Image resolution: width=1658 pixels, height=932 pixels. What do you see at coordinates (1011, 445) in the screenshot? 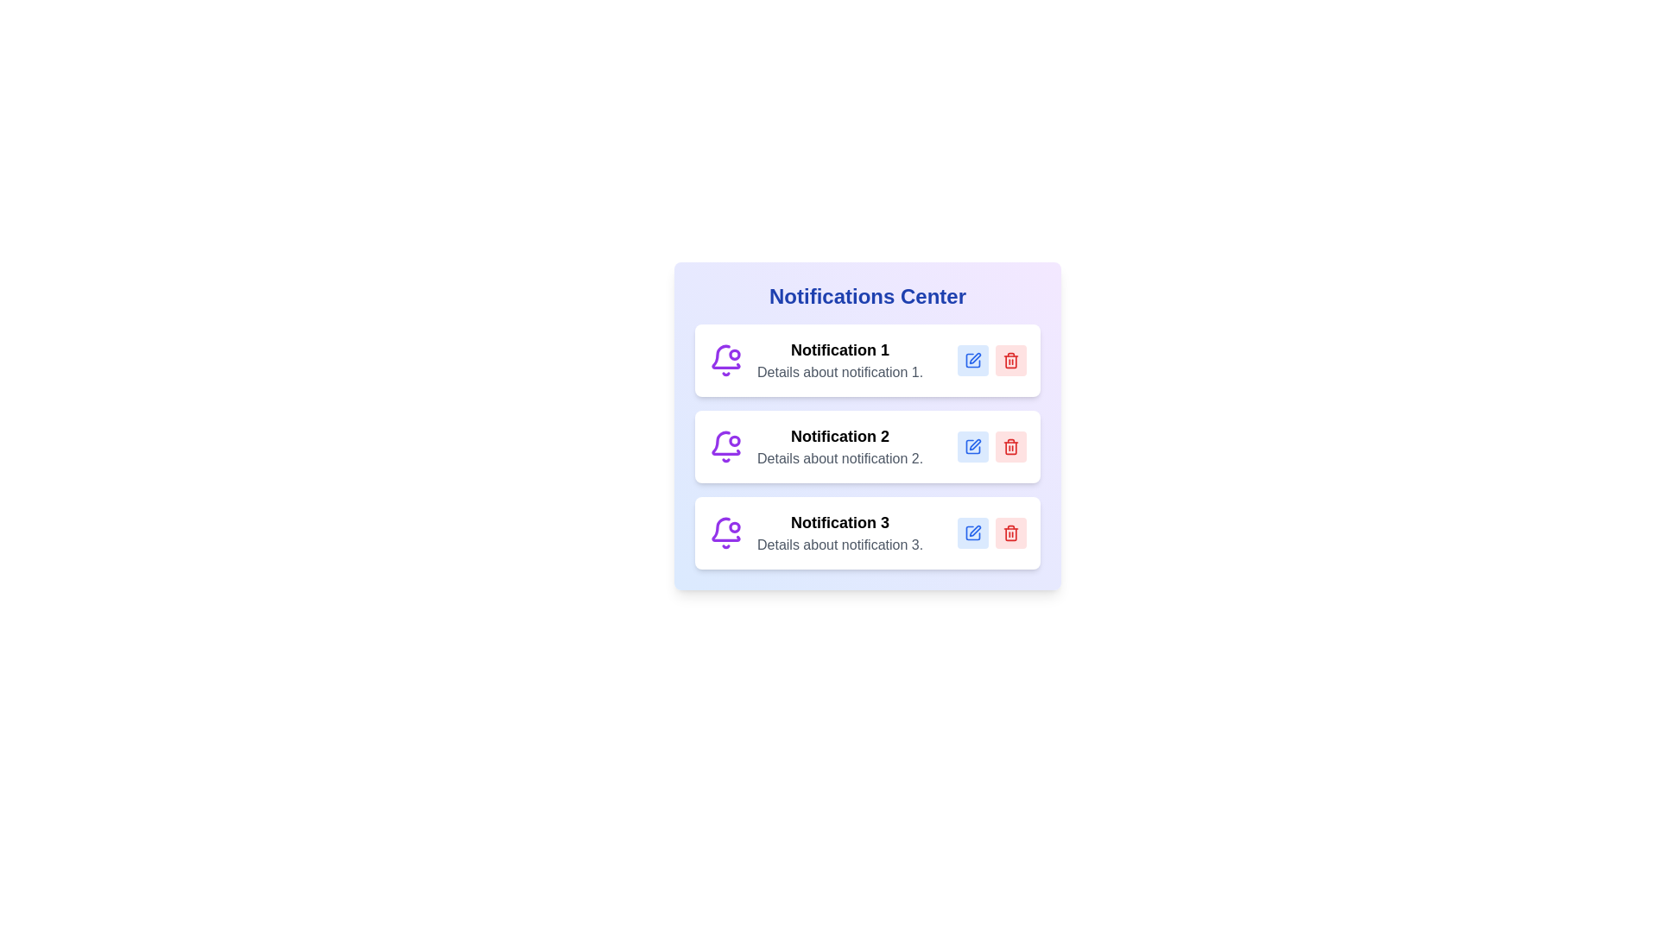
I see `the delete icon located as the rightmost icon in the action button group of the second notification card` at bounding box center [1011, 445].